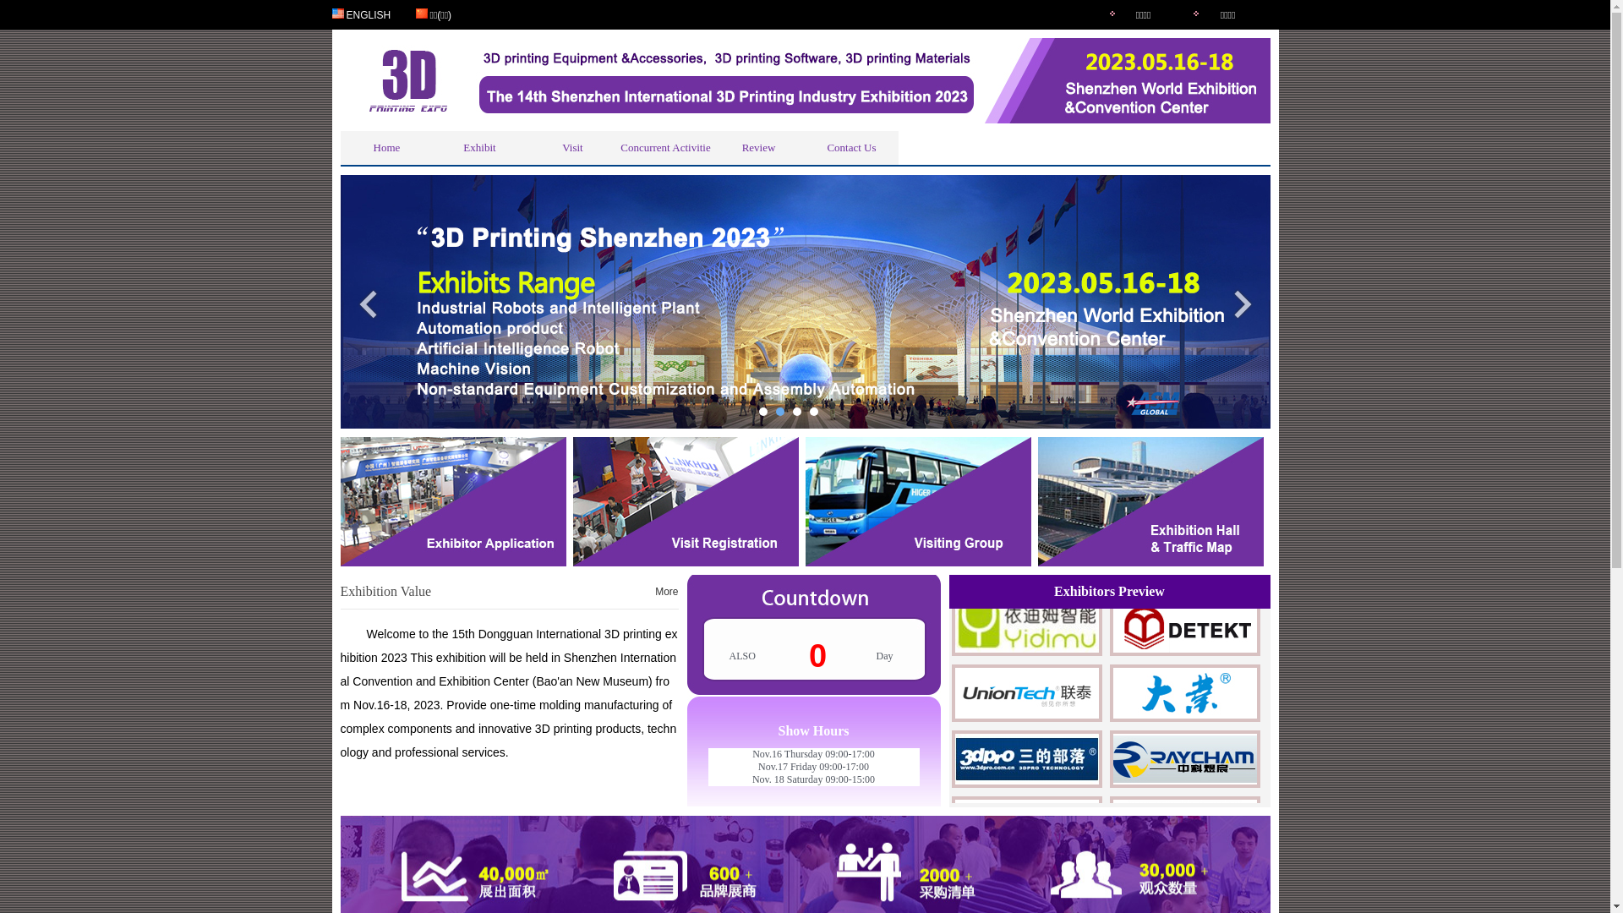 The width and height of the screenshot is (1623, 913). What do you see at coordinates (368, 14) in the screenshot?
I see `'ENGLISH'` at bounding box center [368, 14].